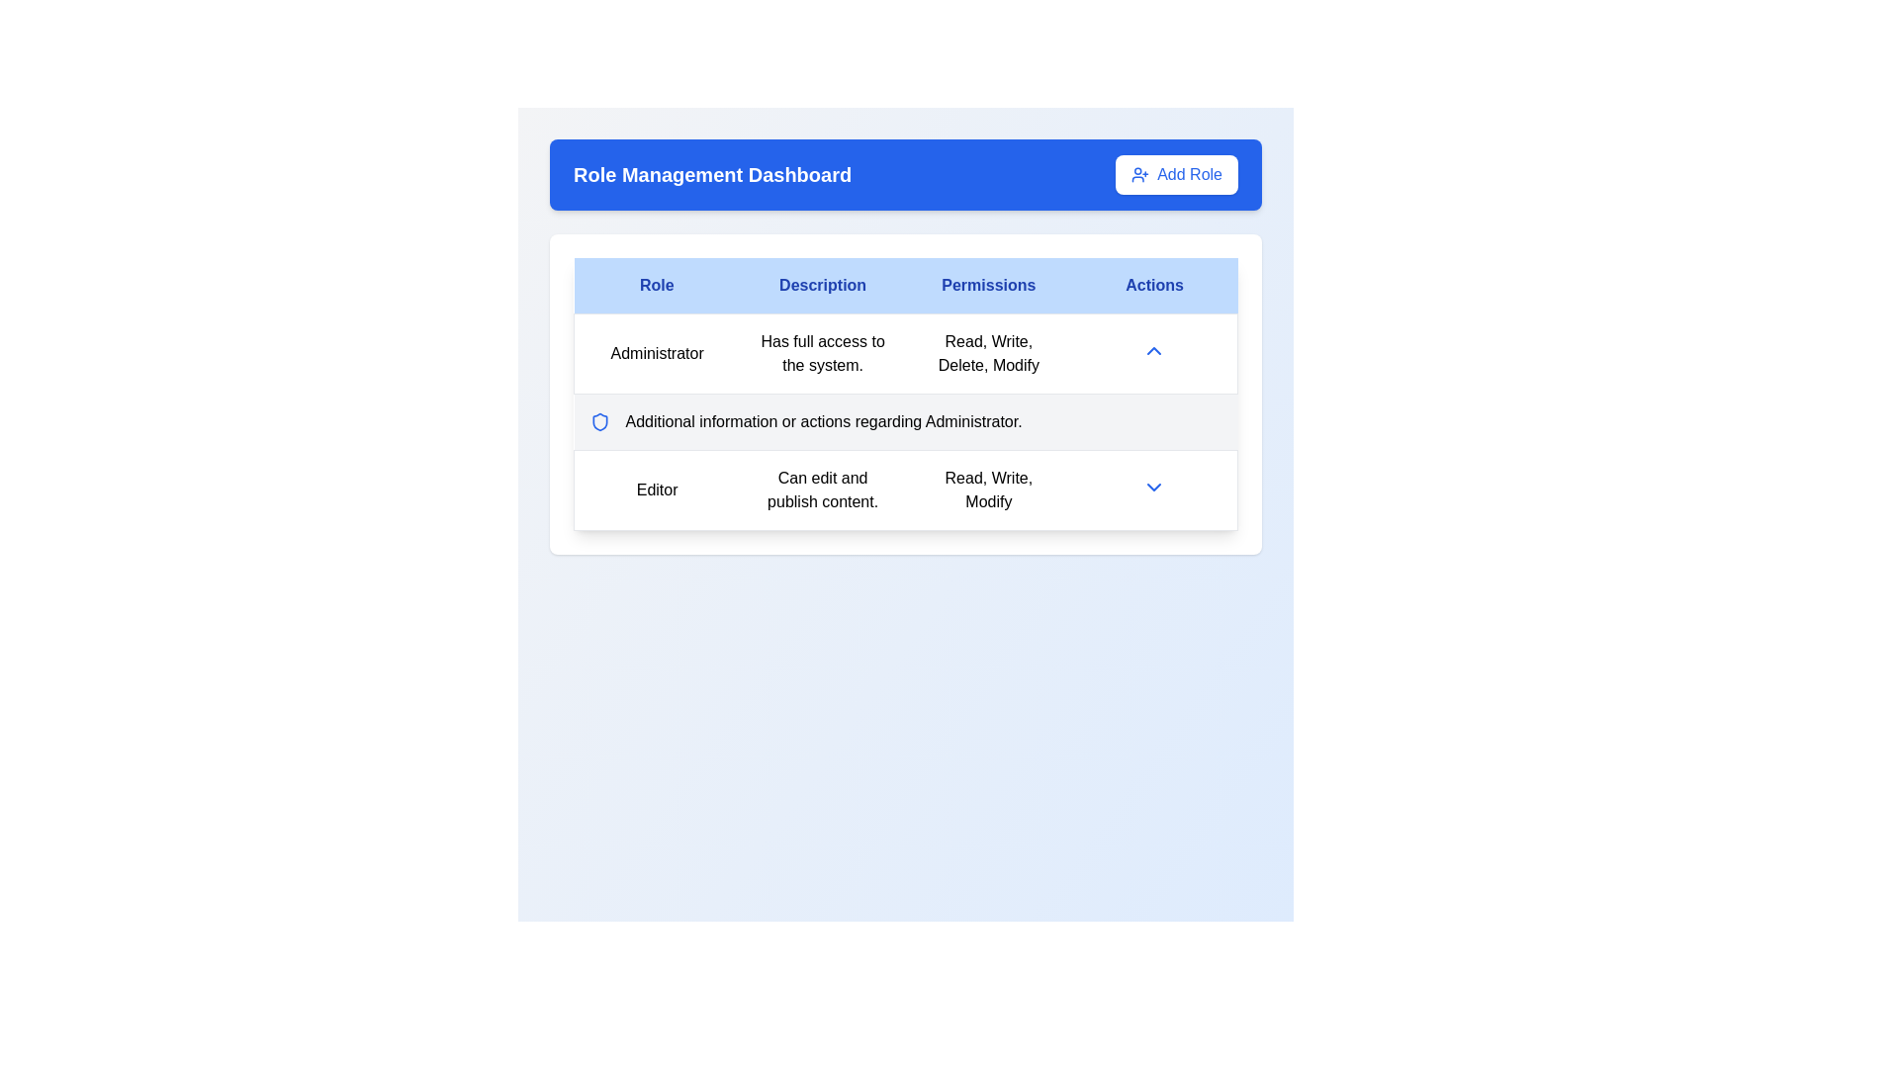 Image resolution: width=1899 pixels, height=1068 pixels. What do you see at coordinates (1154, 286) in the screenshot?
I see `the 'Actions' table column header, which is the last column header styled with a blue background and white text` at bounding box center [1154, 286].